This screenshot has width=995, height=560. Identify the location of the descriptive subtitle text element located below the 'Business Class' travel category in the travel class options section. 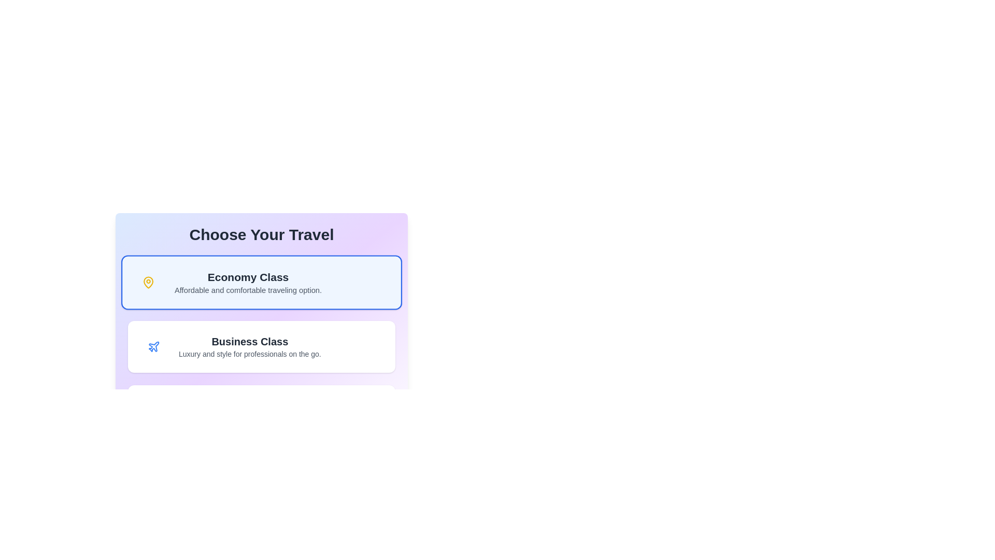
(250, 353).